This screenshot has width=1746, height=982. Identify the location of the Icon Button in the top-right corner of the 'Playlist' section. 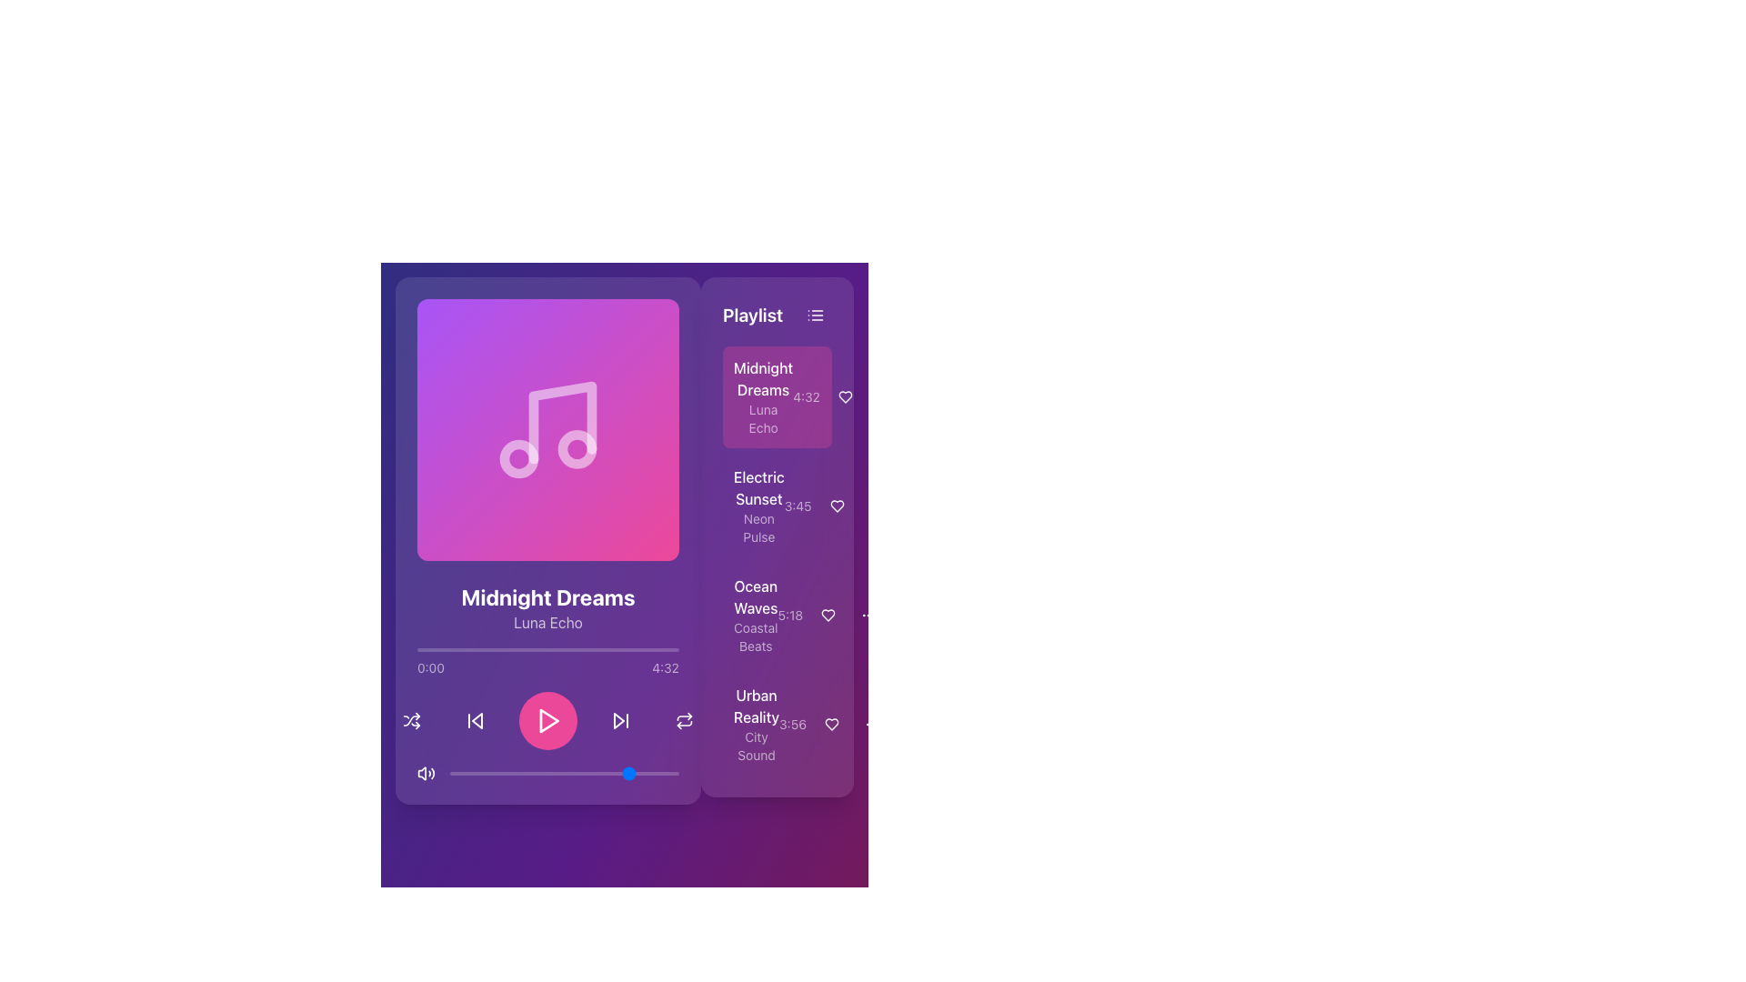
(815, 315).